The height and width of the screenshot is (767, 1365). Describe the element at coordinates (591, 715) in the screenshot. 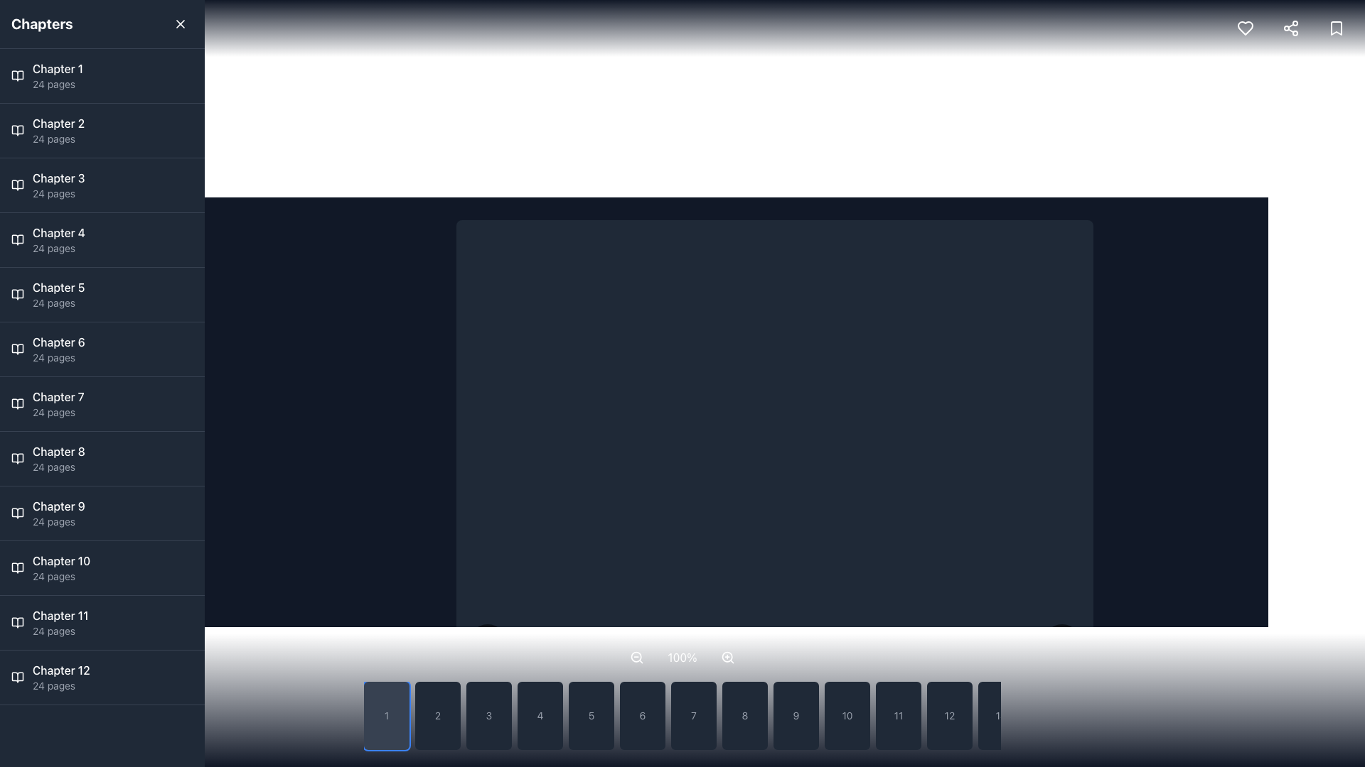

I see `the button labeled '5' which is the fifth button in a horizontal sequence` at that location.